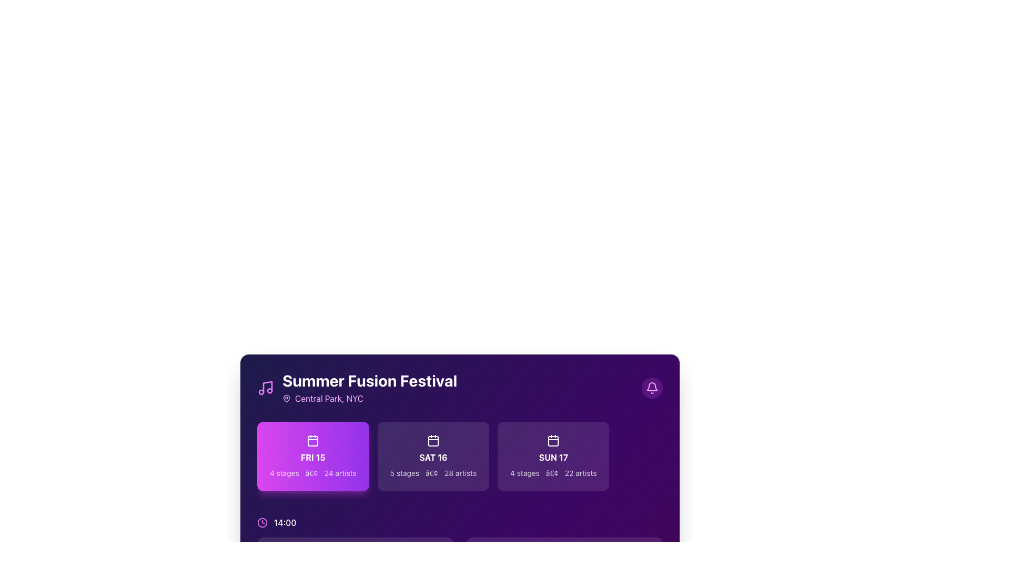  Describe the element at coordinates (651, 388) in the screenshot. I see `the circular notification button with a bell icon at the top-right corner of the event information` at that location.